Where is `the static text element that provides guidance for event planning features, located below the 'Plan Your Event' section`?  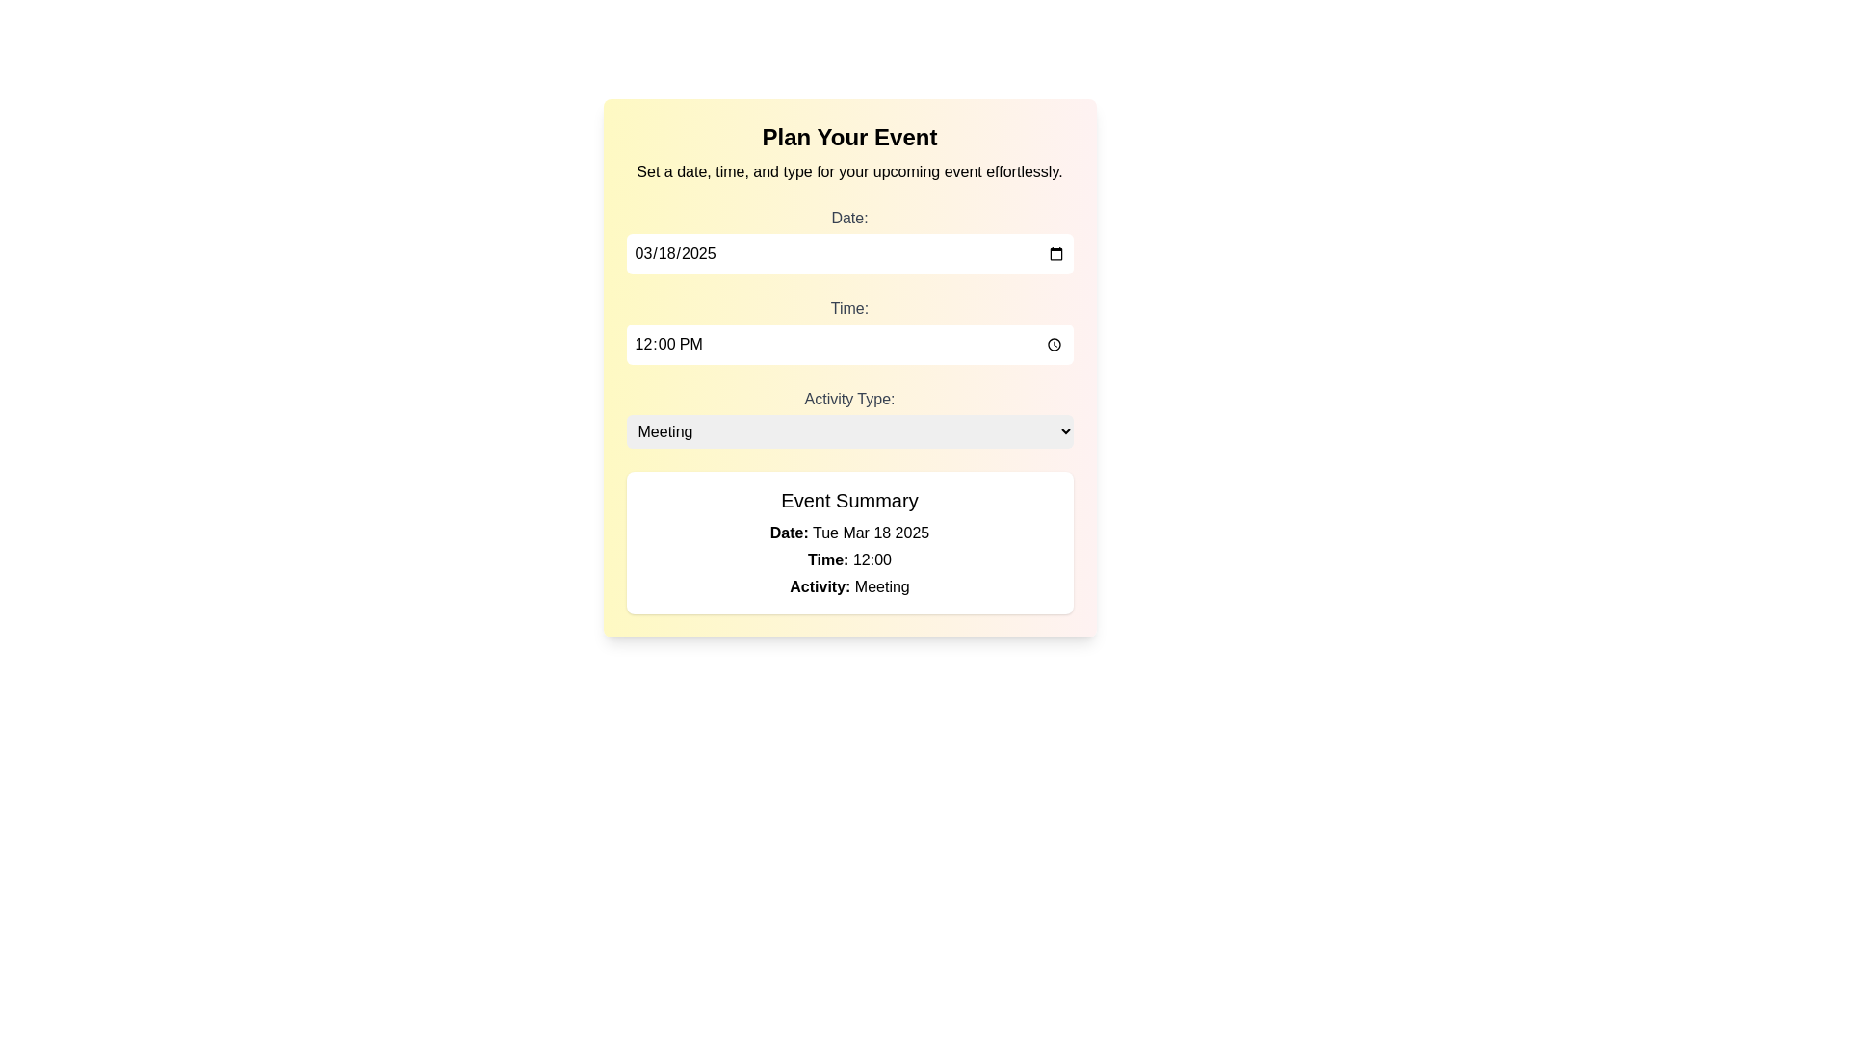 the static text element that provides guidance for event planning features, located below the 'Plan Your Event' section is located at coordinates (848, 170).